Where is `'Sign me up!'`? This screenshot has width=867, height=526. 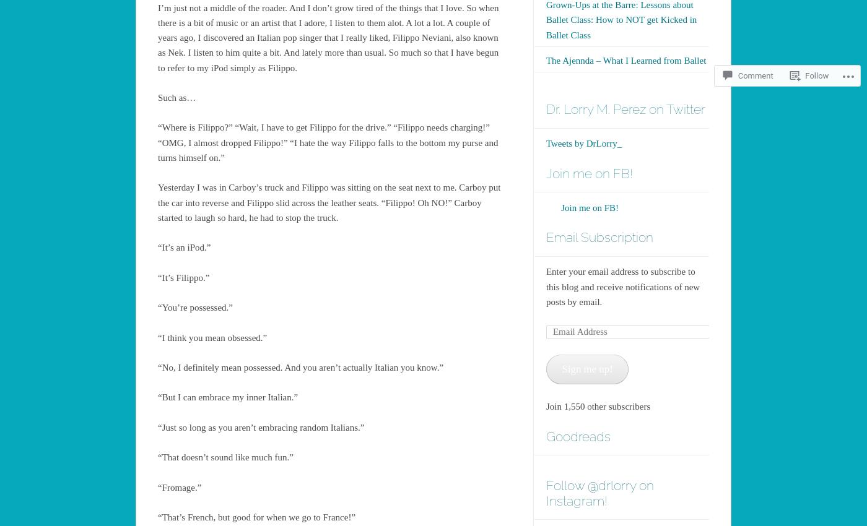 'Sign me up!' is located at coordinates (586, 368).